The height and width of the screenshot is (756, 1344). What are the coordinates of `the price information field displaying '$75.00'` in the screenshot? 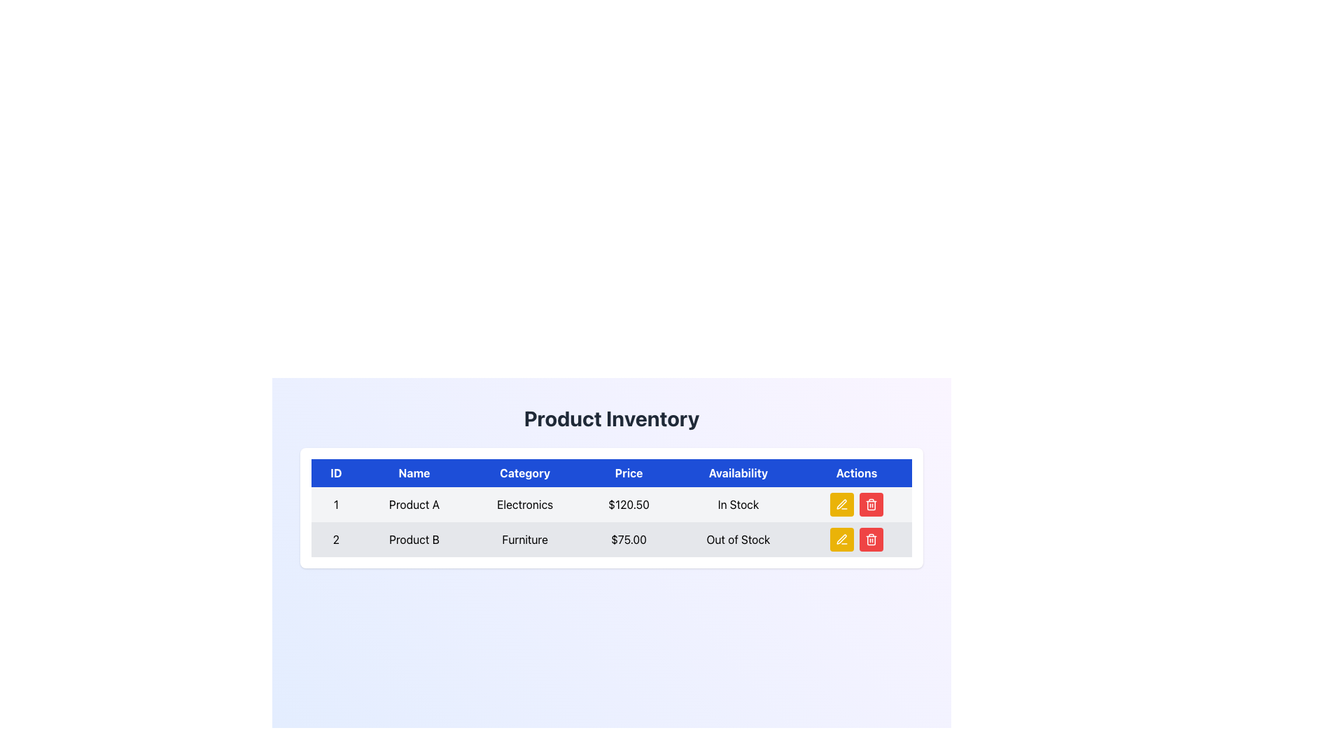 It's located at (628, 539).